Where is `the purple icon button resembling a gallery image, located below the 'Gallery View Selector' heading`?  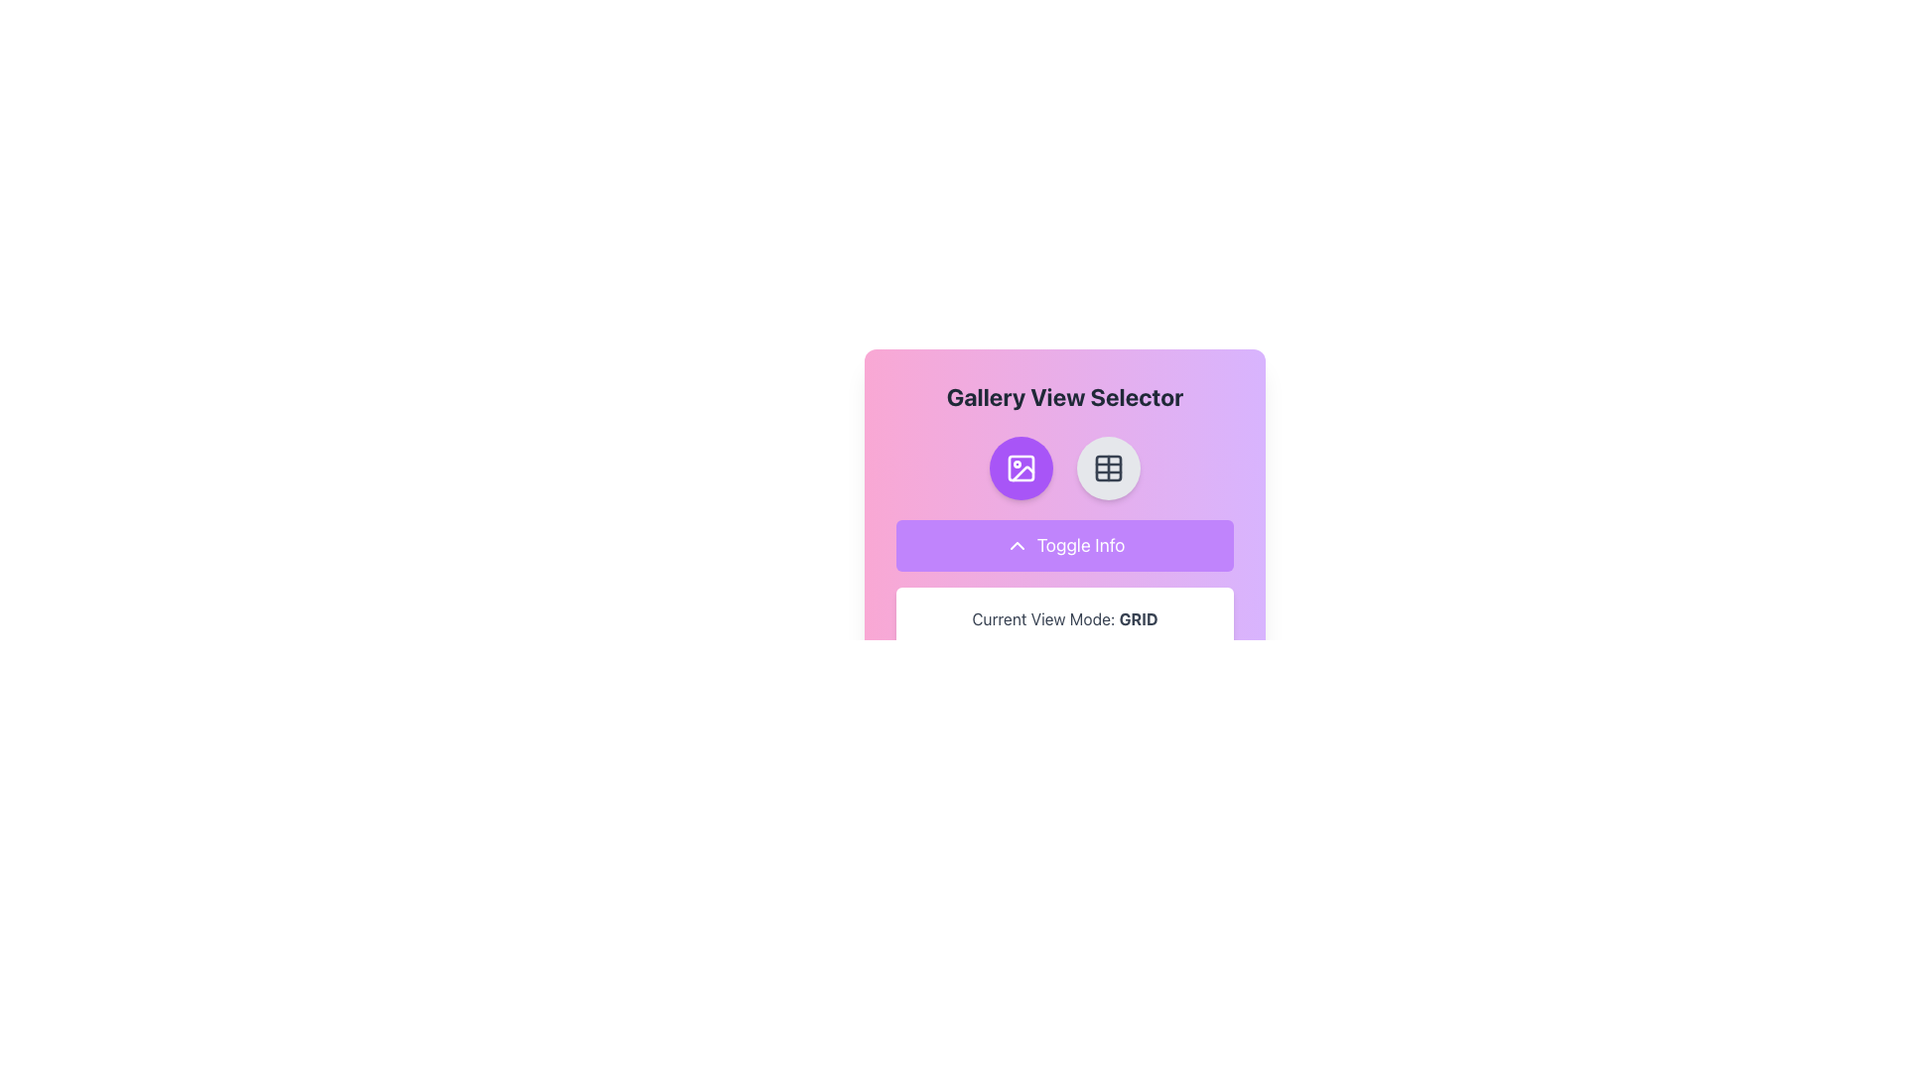
the purple icon button resembling a gallery image, located below the 'Gallery View Selector' heading is located at coordinates (1021, 468).